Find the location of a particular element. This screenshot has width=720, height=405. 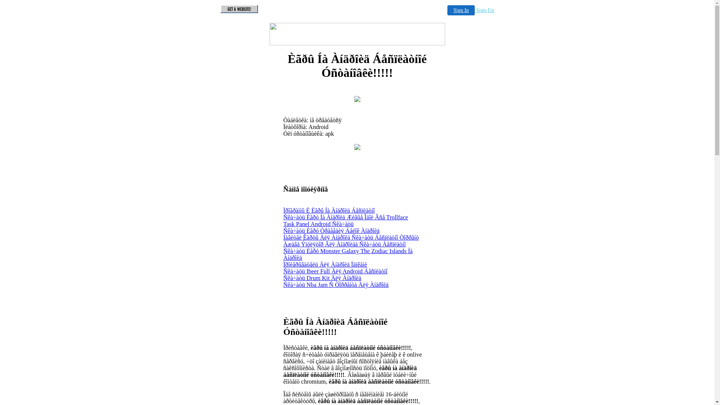

'Sign-Up' is located at coordinates (485, 10).